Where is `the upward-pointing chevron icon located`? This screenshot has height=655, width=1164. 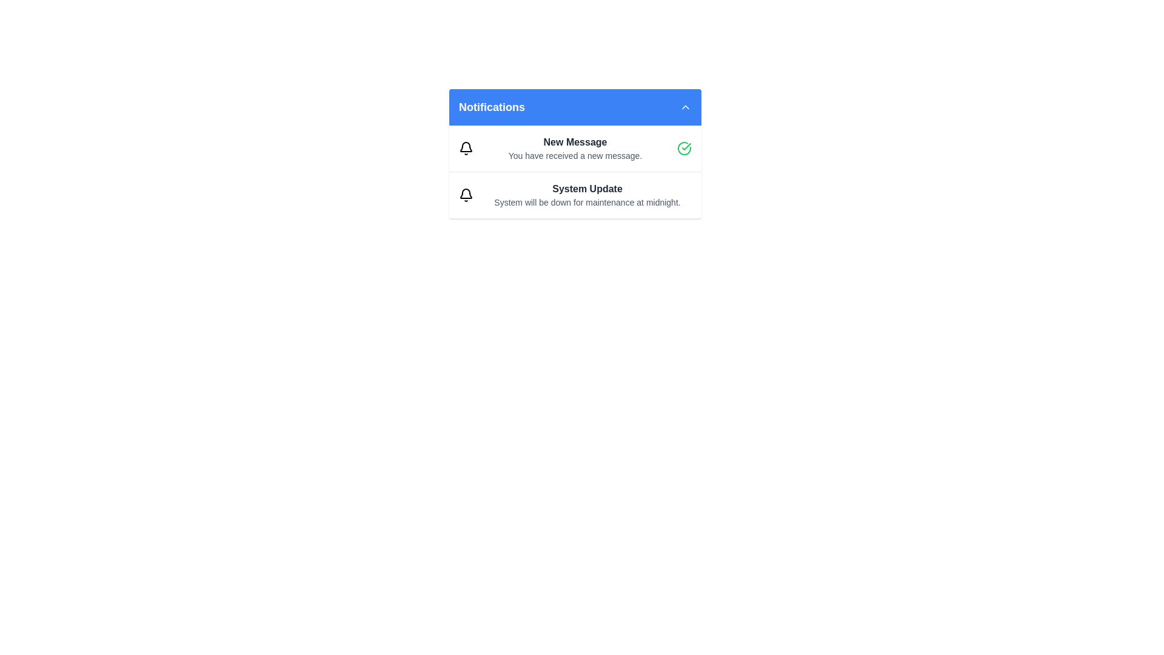
the upward-pointing chevron icon located is located at coordinates (686, 107).